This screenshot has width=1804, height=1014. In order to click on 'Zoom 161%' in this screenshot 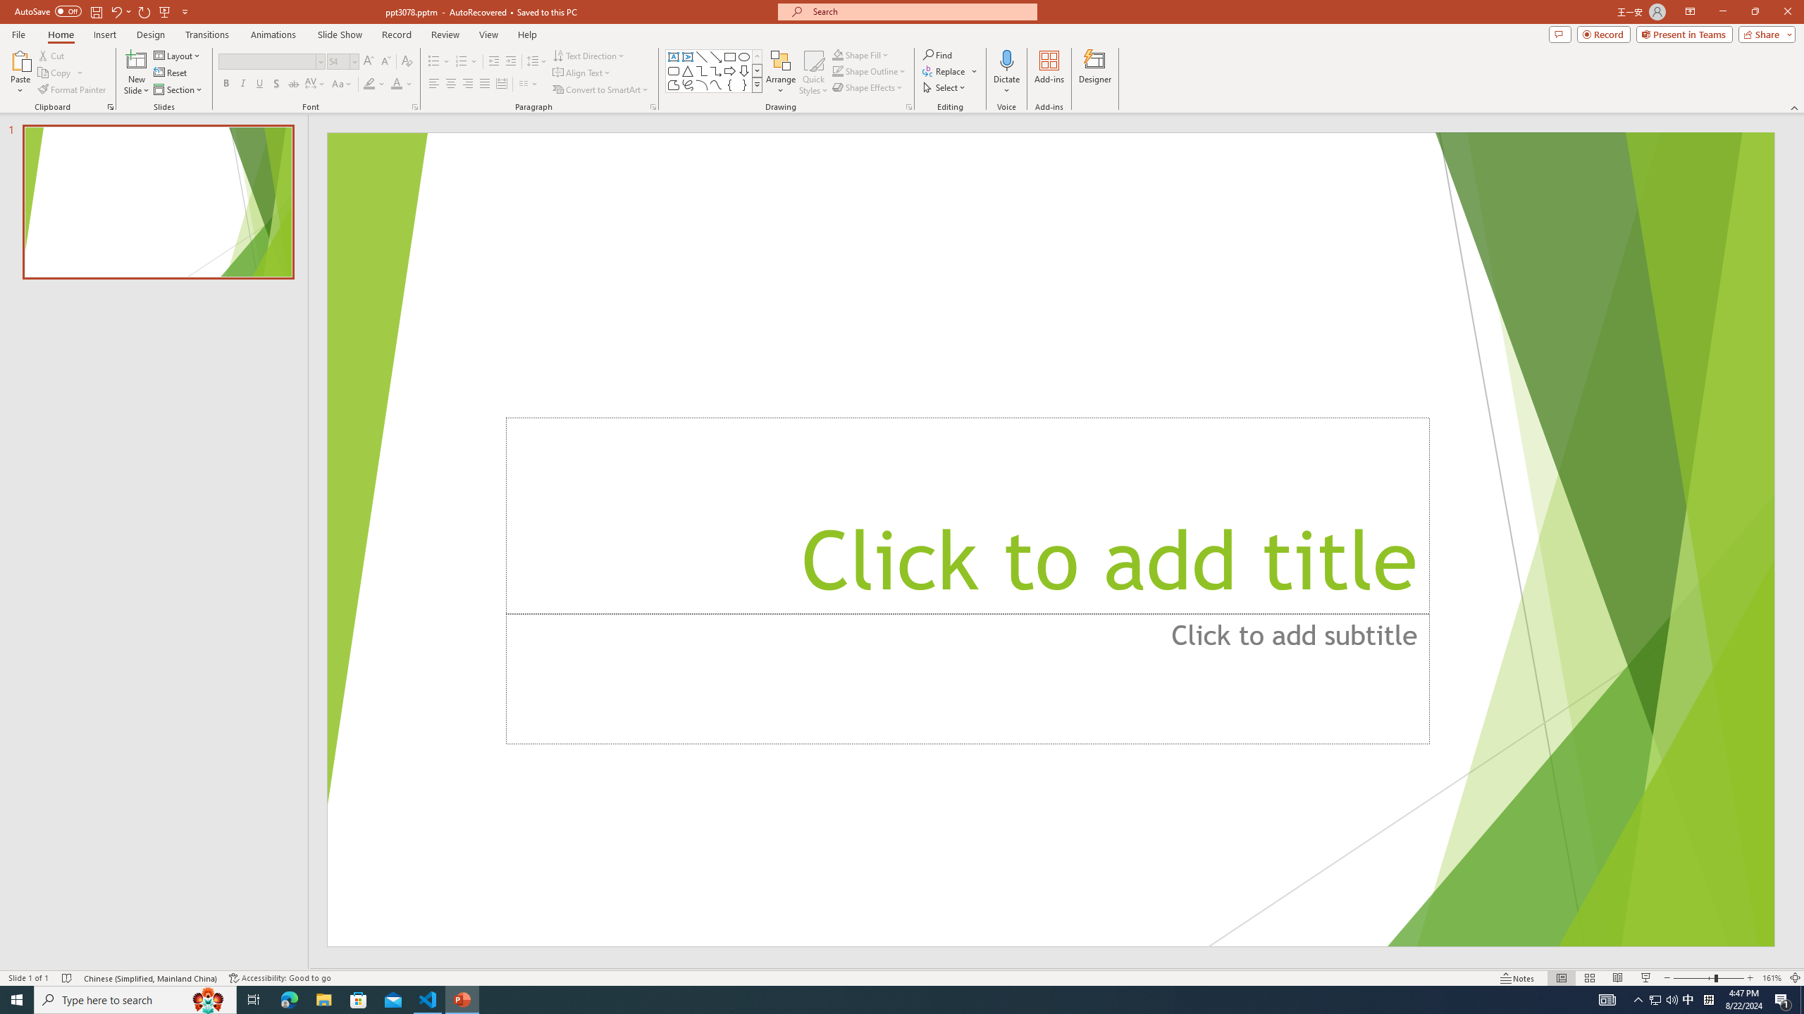, I will do `click(1772, 978)`.